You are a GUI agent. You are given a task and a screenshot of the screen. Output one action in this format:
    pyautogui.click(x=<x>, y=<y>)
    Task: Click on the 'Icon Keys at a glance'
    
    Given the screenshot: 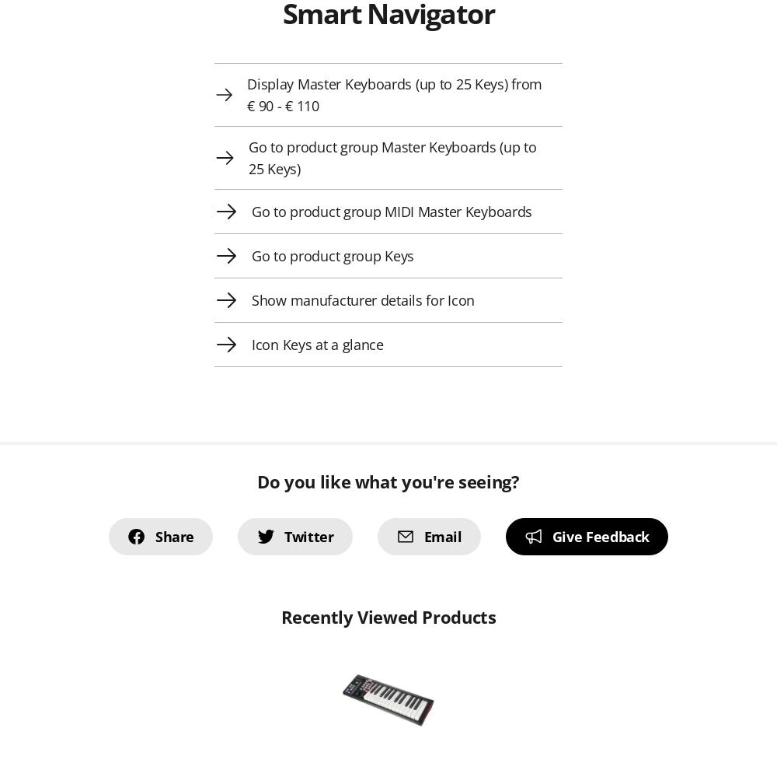 What is the action you would take?
    pyautogui.click(x=251, y=344)
    